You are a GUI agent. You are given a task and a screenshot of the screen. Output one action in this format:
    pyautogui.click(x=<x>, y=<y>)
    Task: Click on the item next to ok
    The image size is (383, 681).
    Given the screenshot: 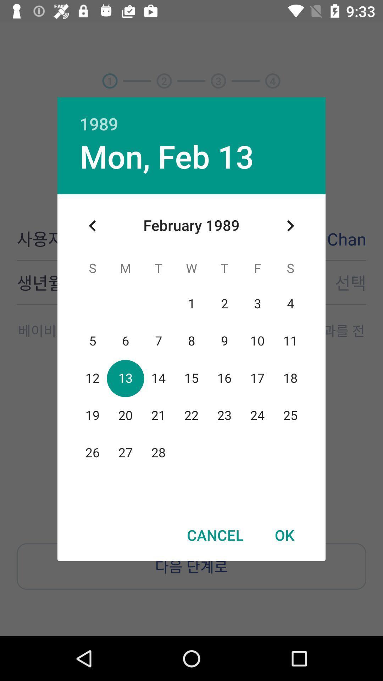 What is the action you would take?
    pyautogui.click(x=215, y=535)
    